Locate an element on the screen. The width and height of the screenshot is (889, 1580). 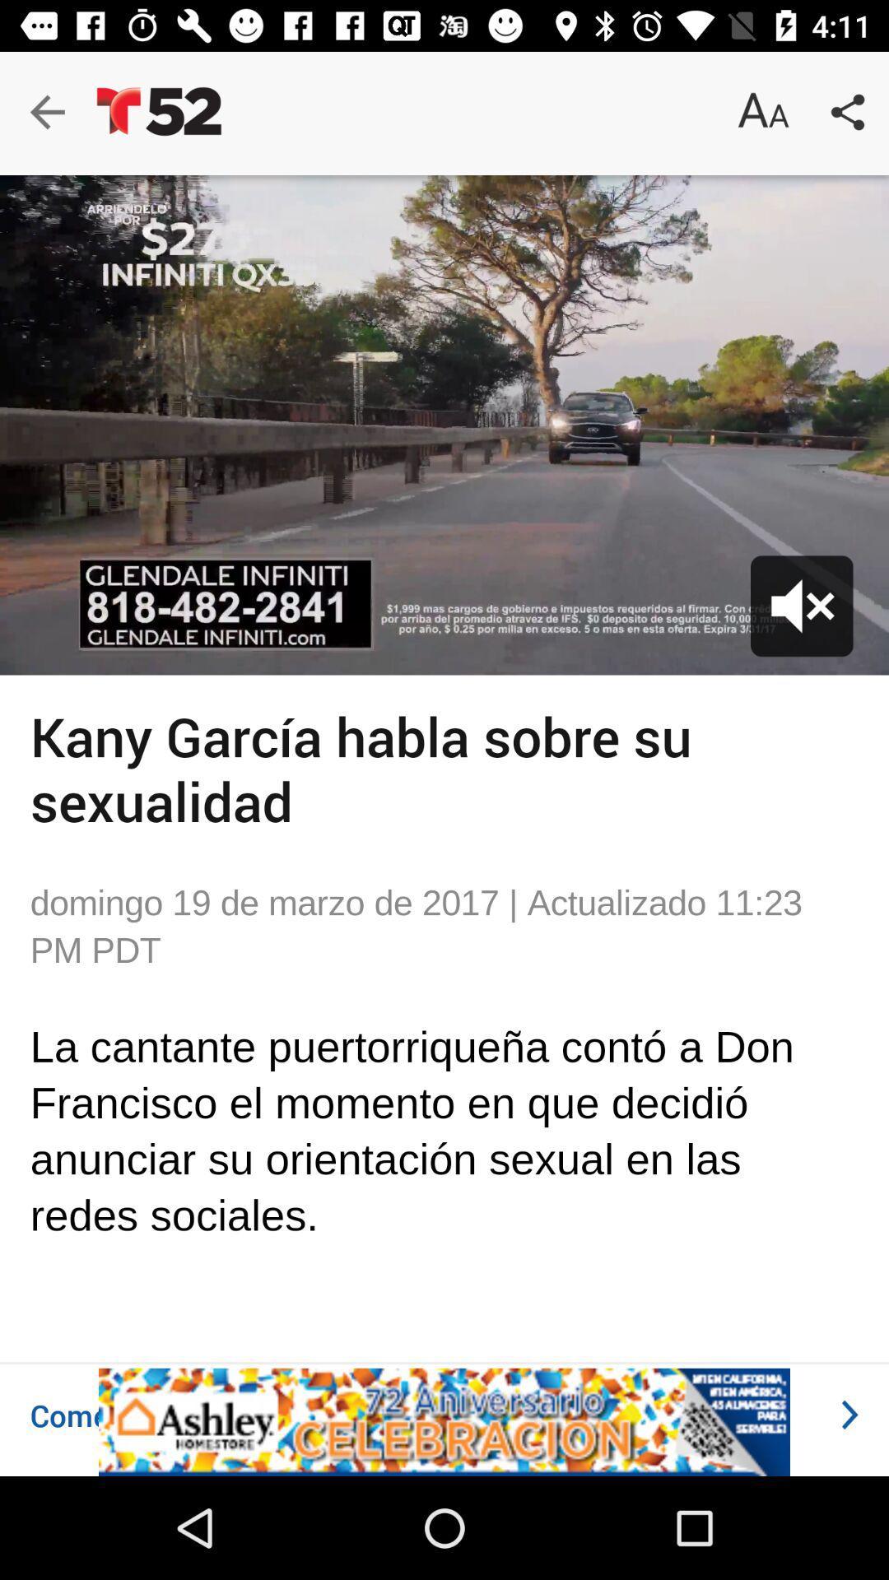
the volume icon is located at coordinates (802, 605).